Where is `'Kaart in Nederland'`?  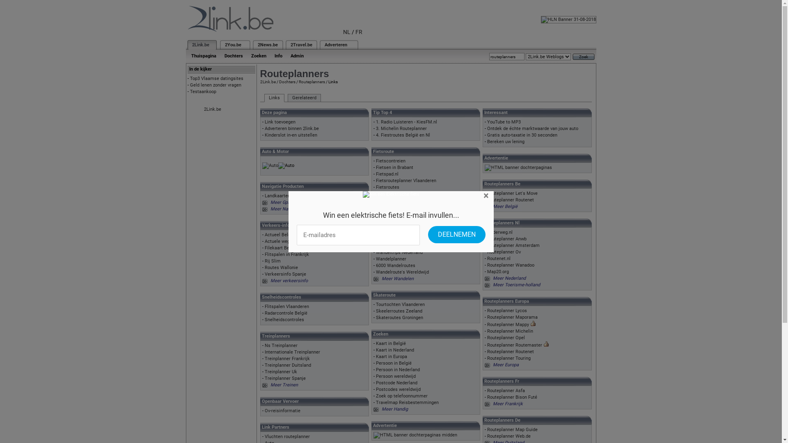 'Kaart in Nederland' is located at coordinates (395, 350).